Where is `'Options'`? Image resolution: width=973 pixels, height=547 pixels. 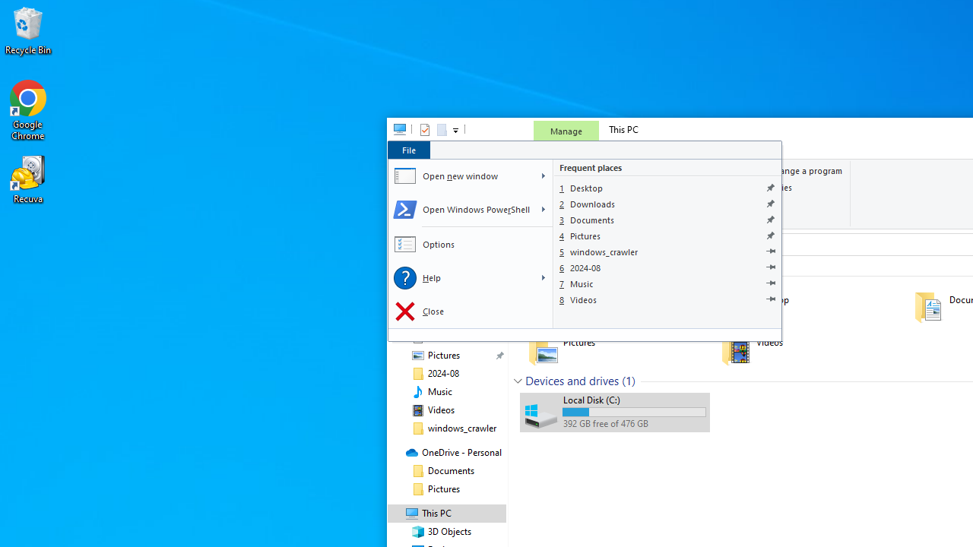 'Options' is located at coordinates (469, 244).